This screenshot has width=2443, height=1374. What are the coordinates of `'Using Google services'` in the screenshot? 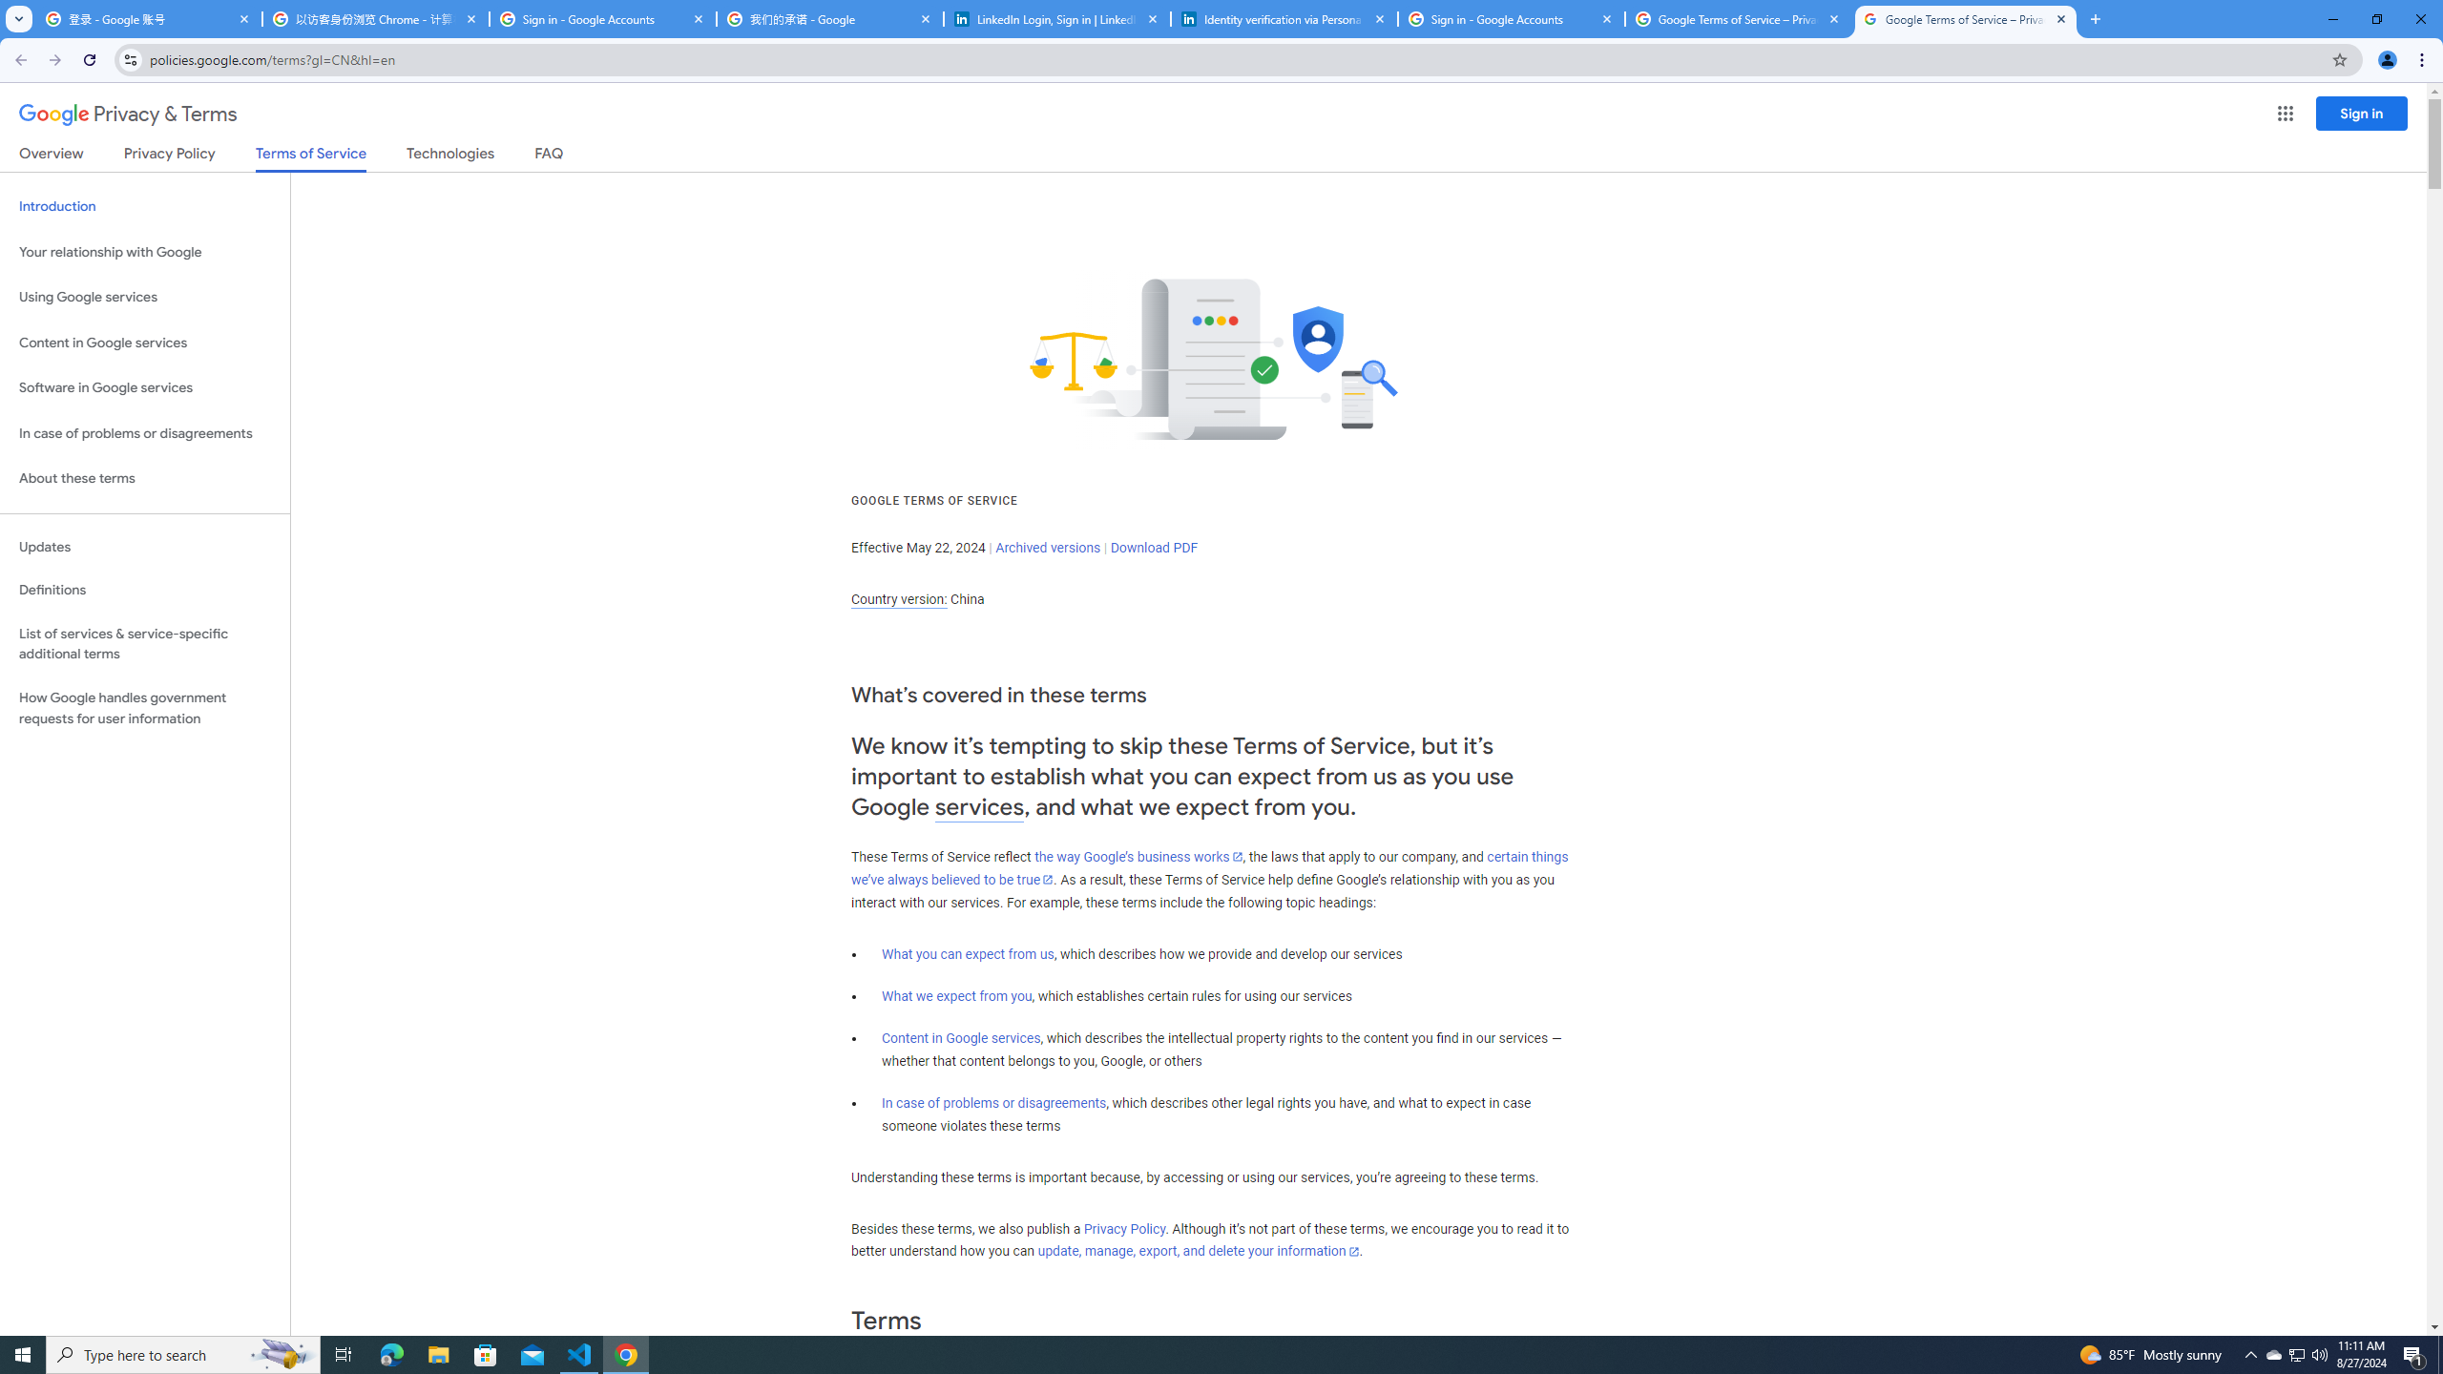 It's located at (144, 296).